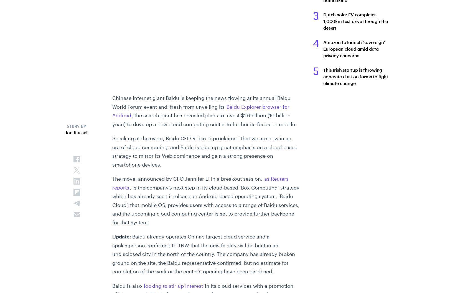 The image size is (455, 293). Describe the element at coordinates (355, 21) in the screenshot. I see `'Dutch solar EV completes 1,000km test drive through the desert'` at that location.